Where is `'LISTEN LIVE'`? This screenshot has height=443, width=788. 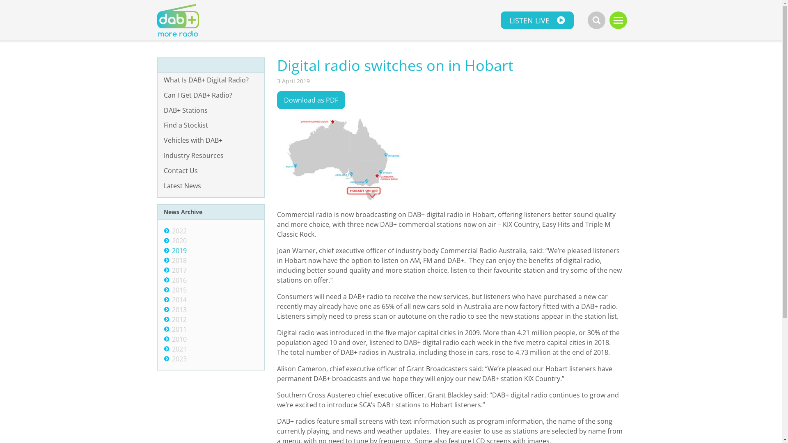
'LISTEN LIVE' is located at coordinates (500, 20).